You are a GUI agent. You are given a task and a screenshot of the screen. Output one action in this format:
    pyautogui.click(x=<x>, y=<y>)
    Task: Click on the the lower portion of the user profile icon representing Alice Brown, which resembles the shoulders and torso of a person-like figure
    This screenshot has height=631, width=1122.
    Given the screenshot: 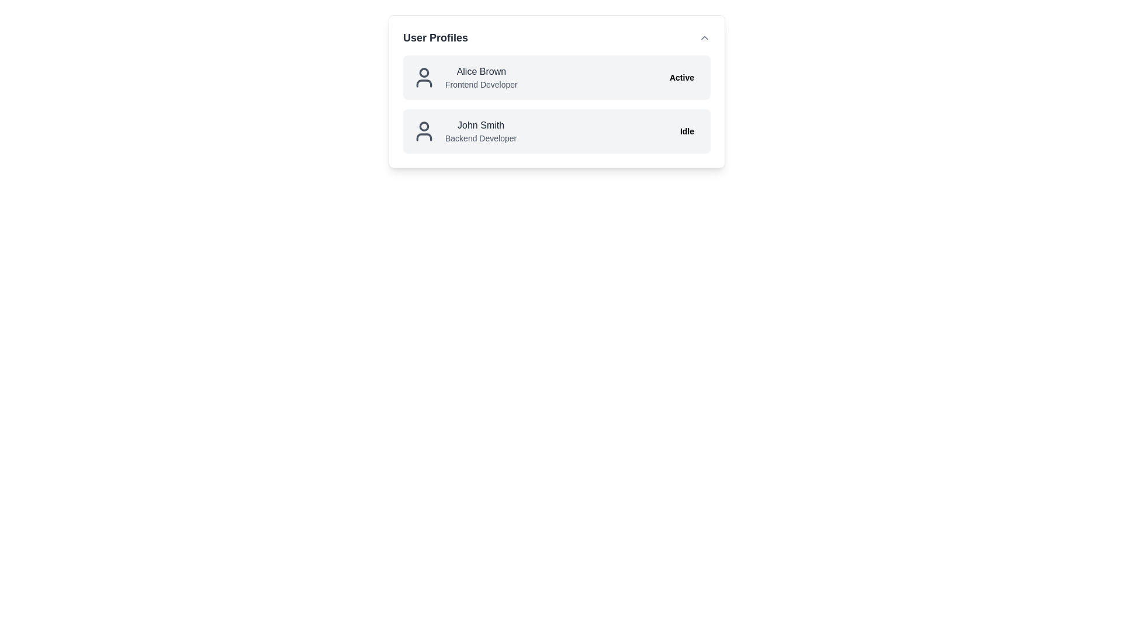 What is the action you would take?
    pyautogui.click(x=423, y=82)
    